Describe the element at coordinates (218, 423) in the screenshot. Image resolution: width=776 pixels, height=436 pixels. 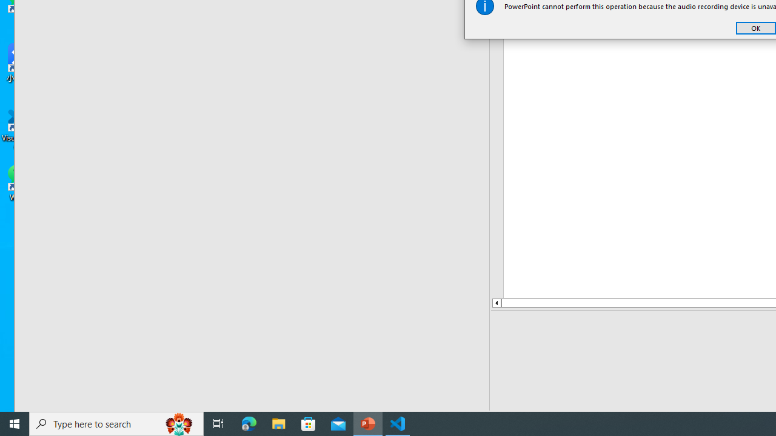
I see `'Task View'` at that location.